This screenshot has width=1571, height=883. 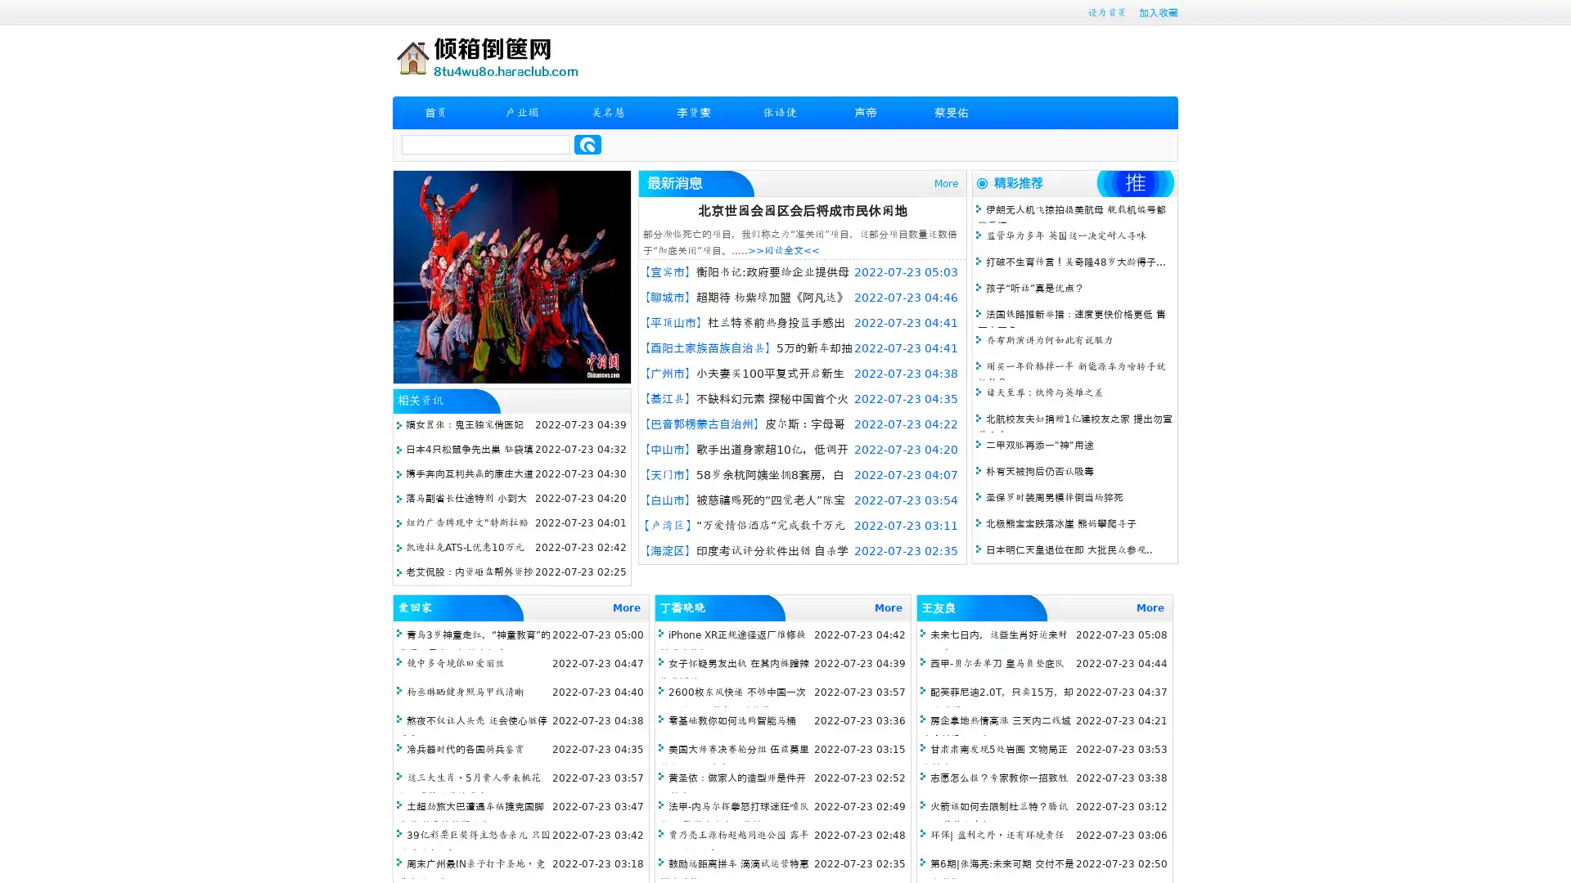 What do you see at coordinates (587, 144) in the screenshot?
I see `Search` at bounding box center [587, 144].